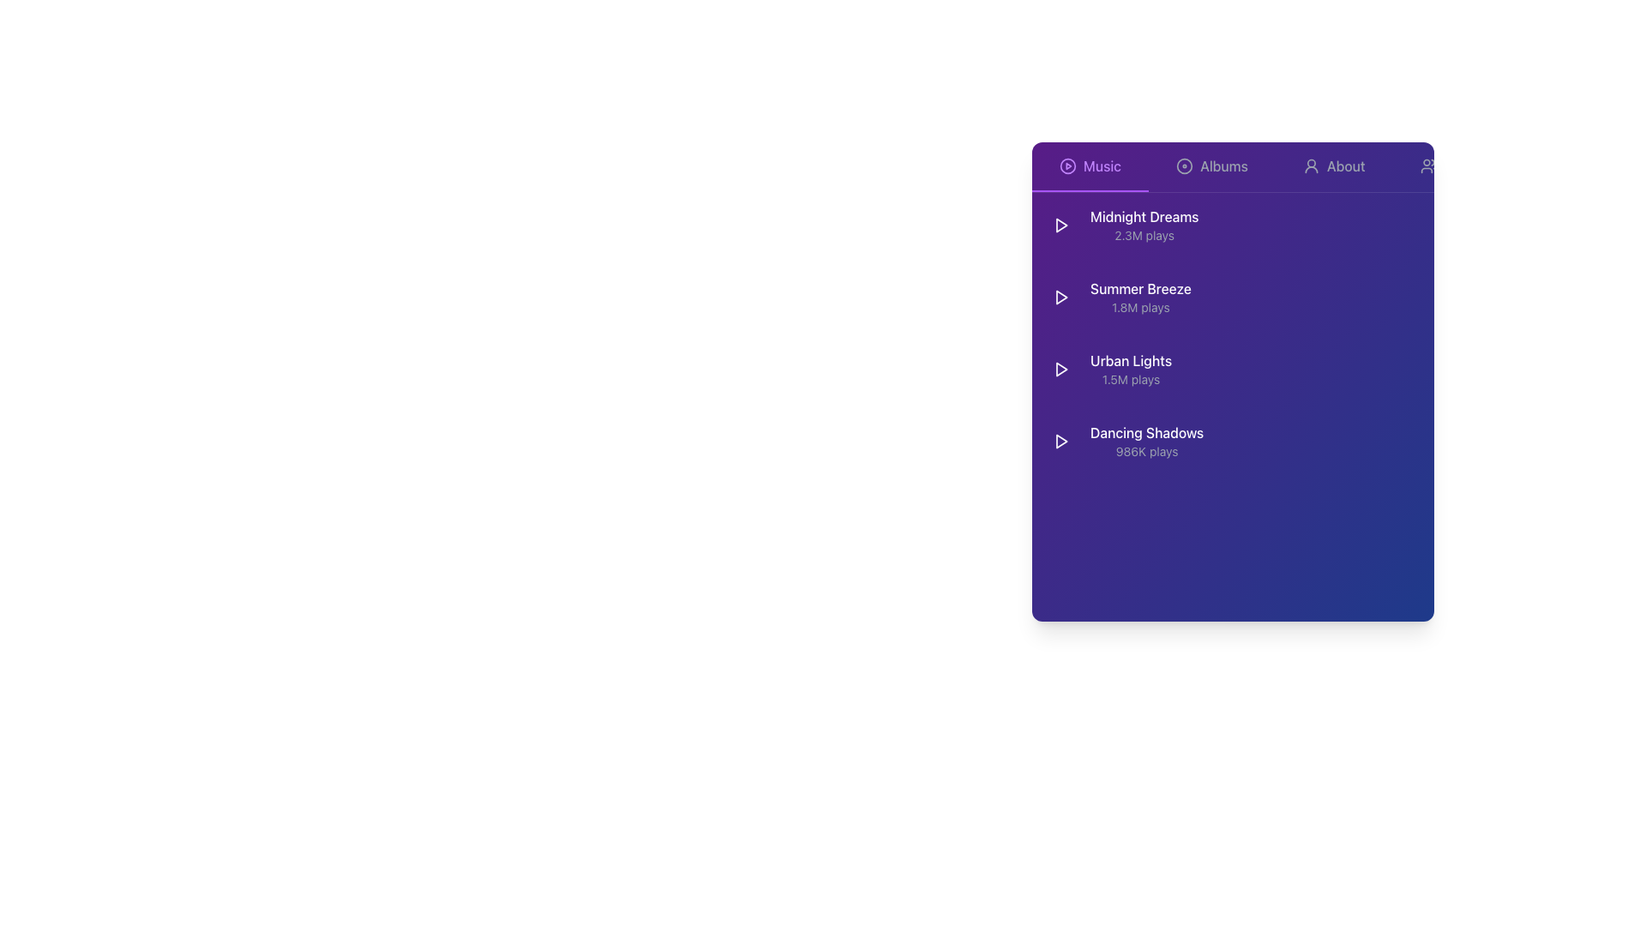  Describe the element at coordinates (1232, 441) in the screenshot. I see `the list item titled 'Dancing Shadows' with a subtitle '986K plays'` at that location.